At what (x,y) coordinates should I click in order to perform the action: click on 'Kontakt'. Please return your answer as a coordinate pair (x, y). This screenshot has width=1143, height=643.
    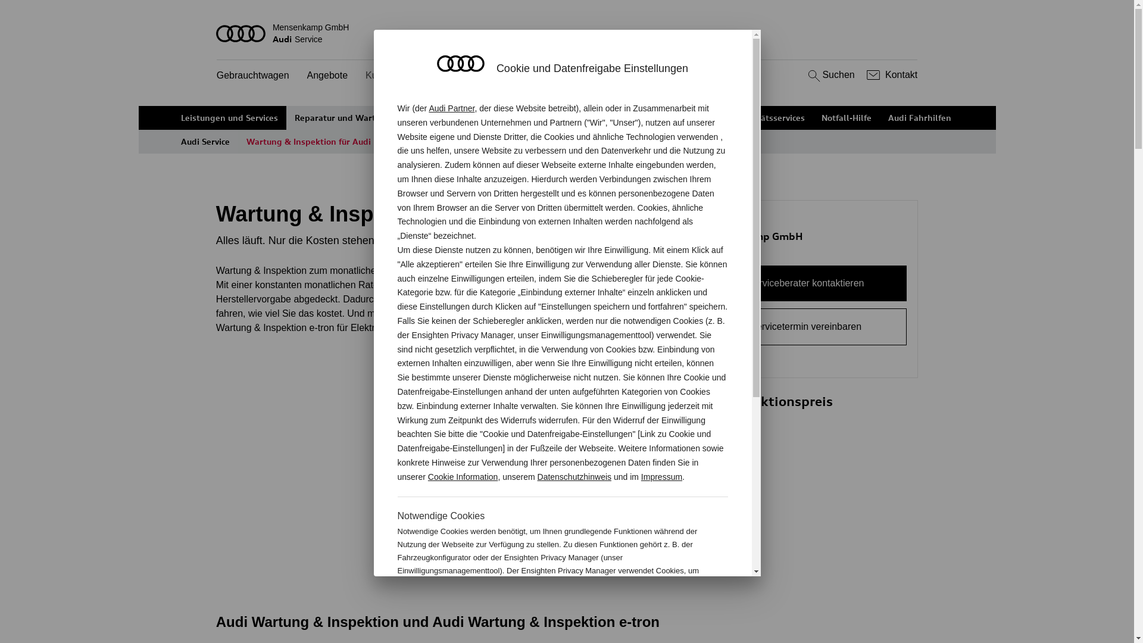
    Looking at the image, I should click on (891, 75).